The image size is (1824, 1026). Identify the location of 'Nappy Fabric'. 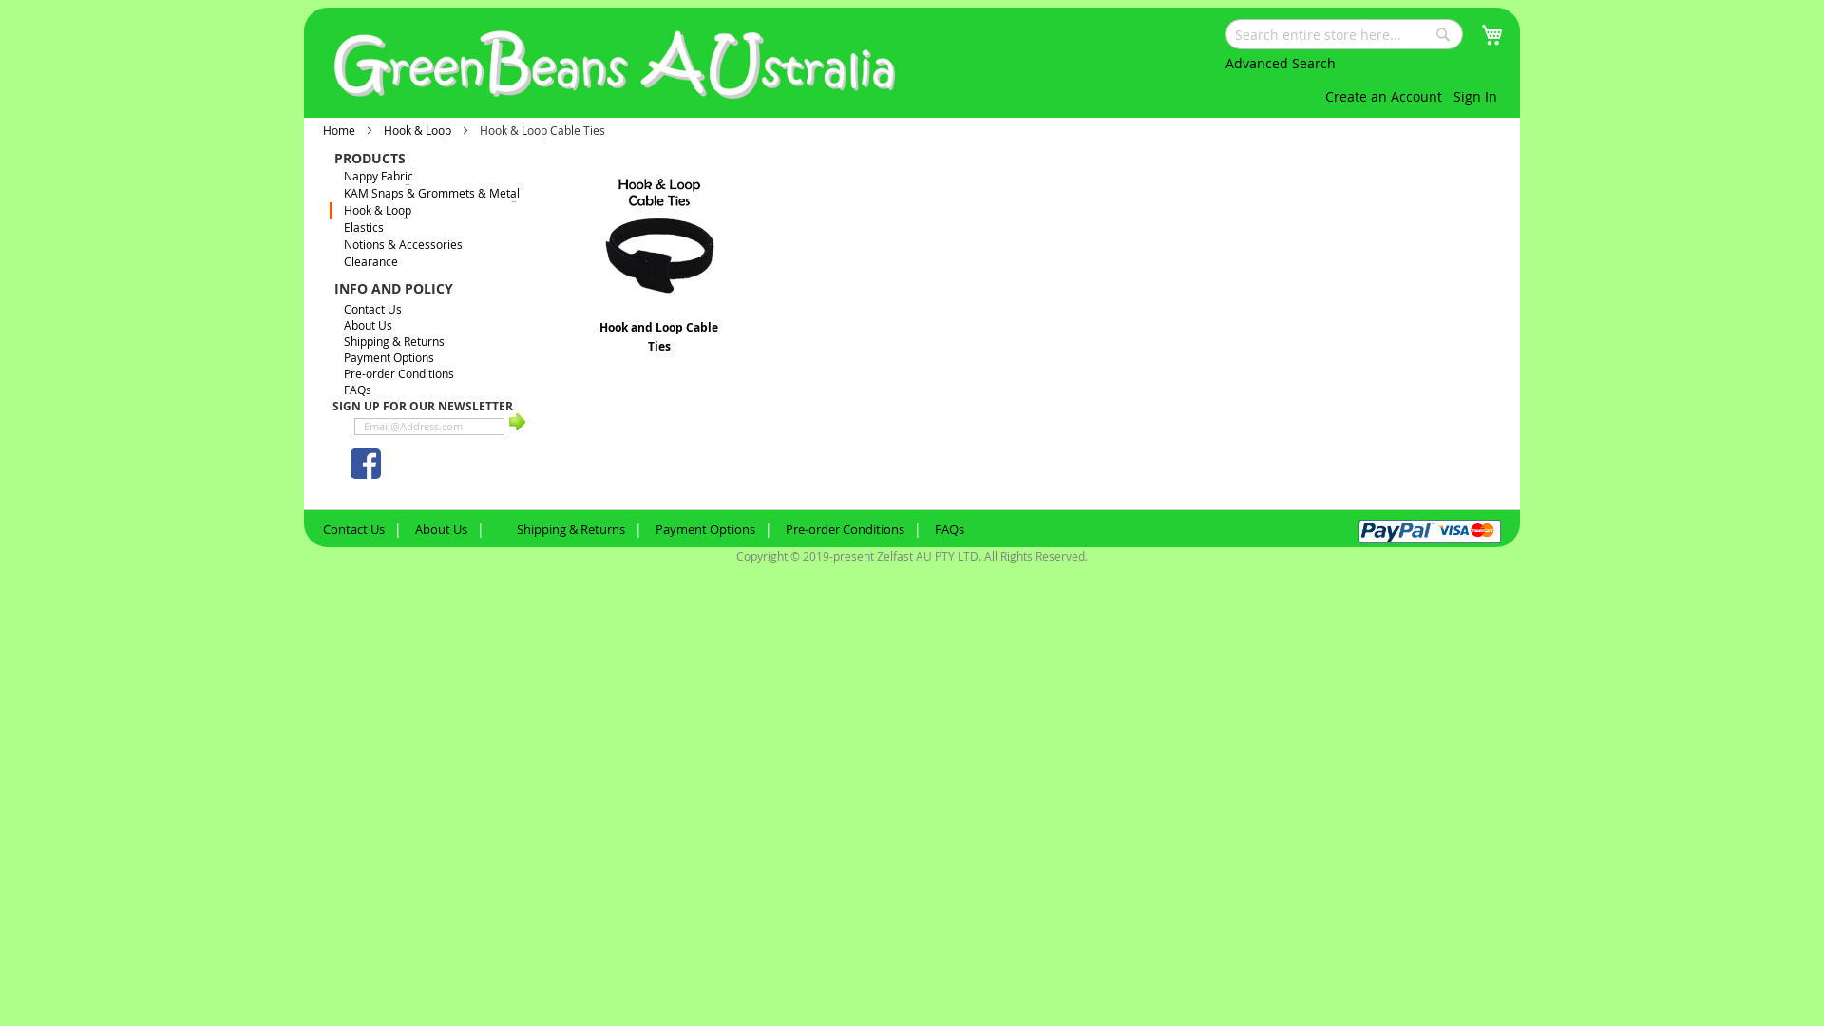
(372, 180).